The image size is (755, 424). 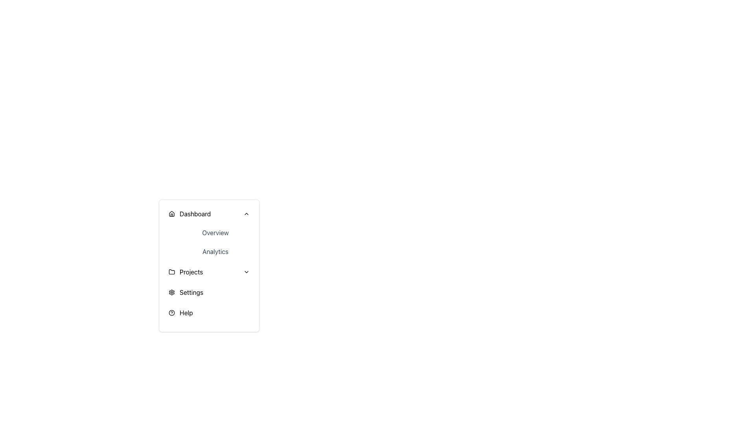 I want to click on the collapsible menu indicator located at the far right of the 'Dashboard' entry, so click(x=246, y=214).